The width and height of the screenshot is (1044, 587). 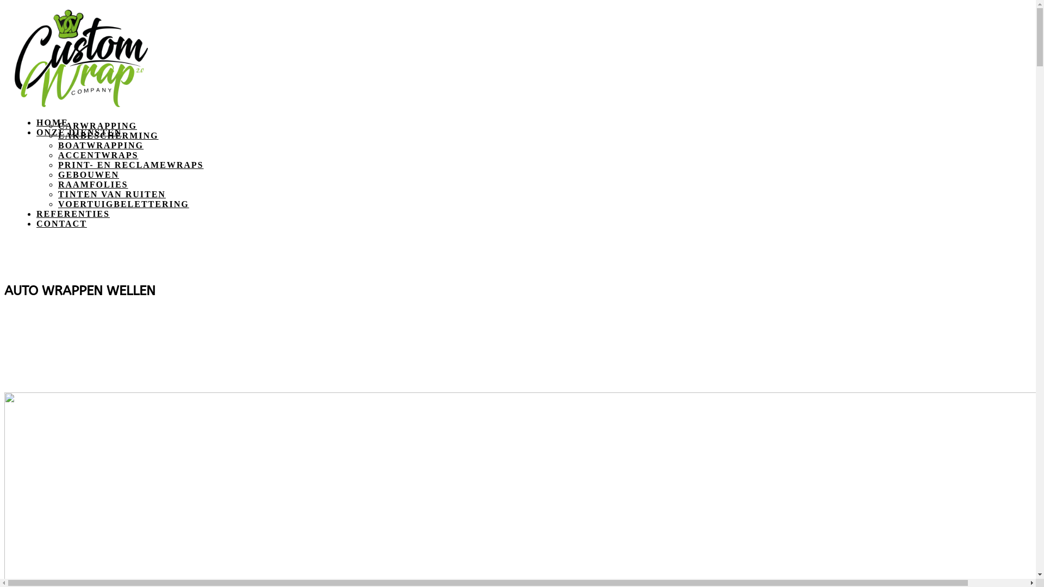 I want to click on 'ACCENTWRAPS', so click(x=98, y=155).